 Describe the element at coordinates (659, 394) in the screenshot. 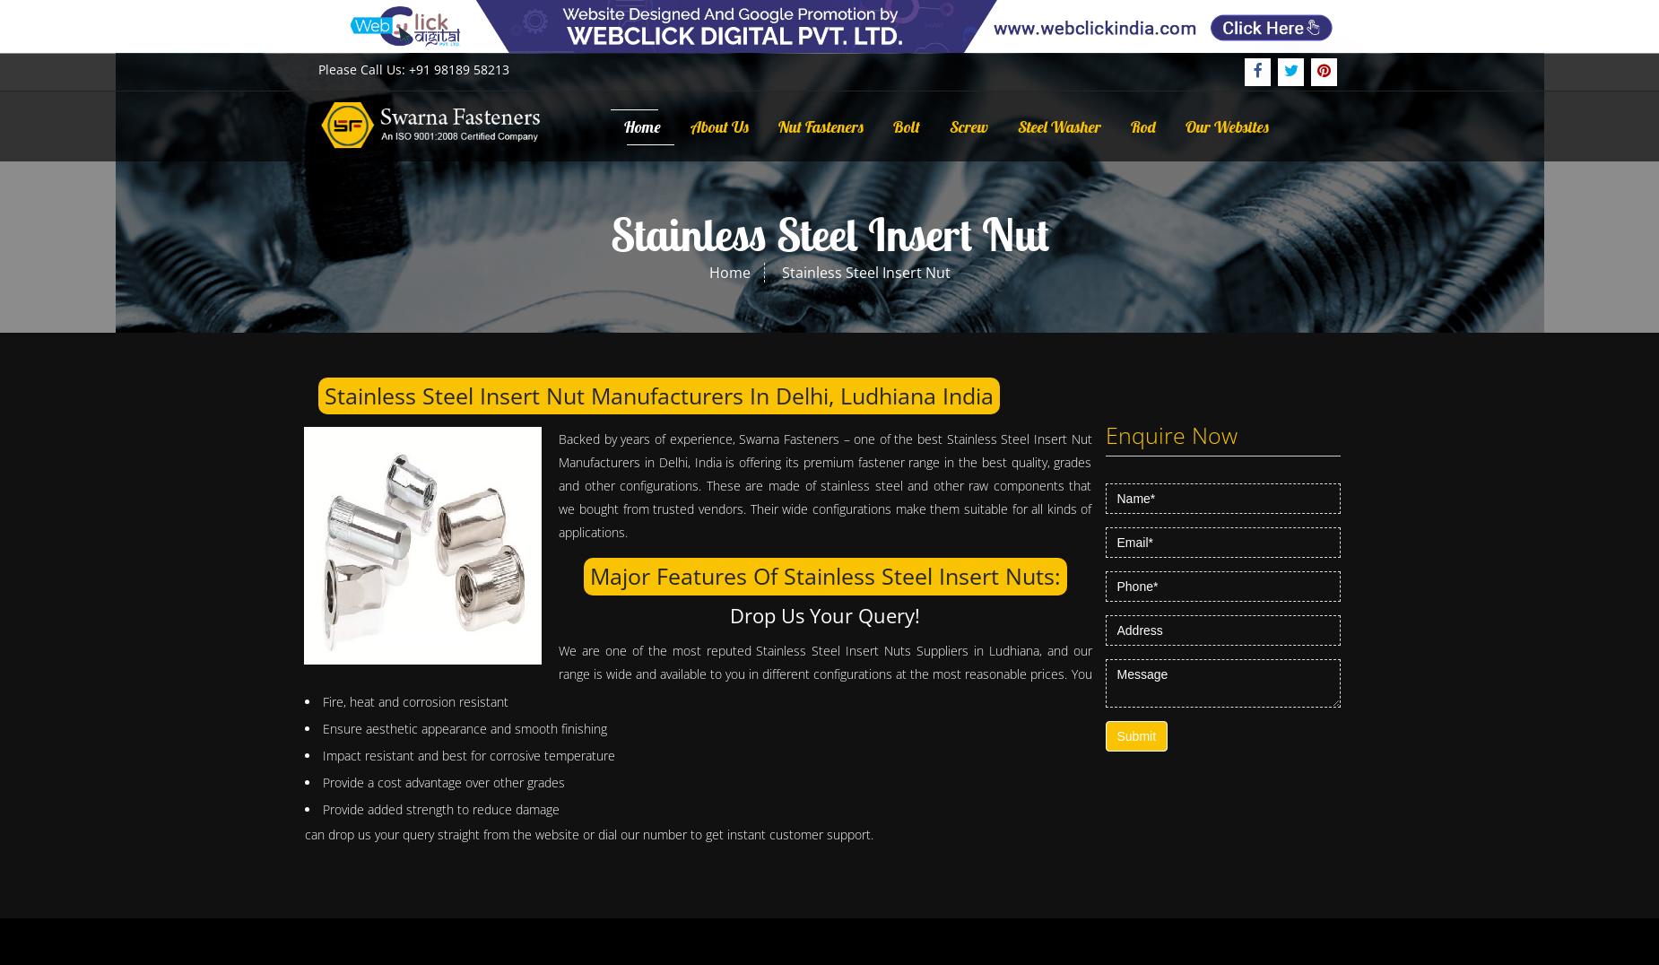

I see `'Stainless Steel Insert Nut Manufacturers In Delhi, Ludhiana India'` at that location.